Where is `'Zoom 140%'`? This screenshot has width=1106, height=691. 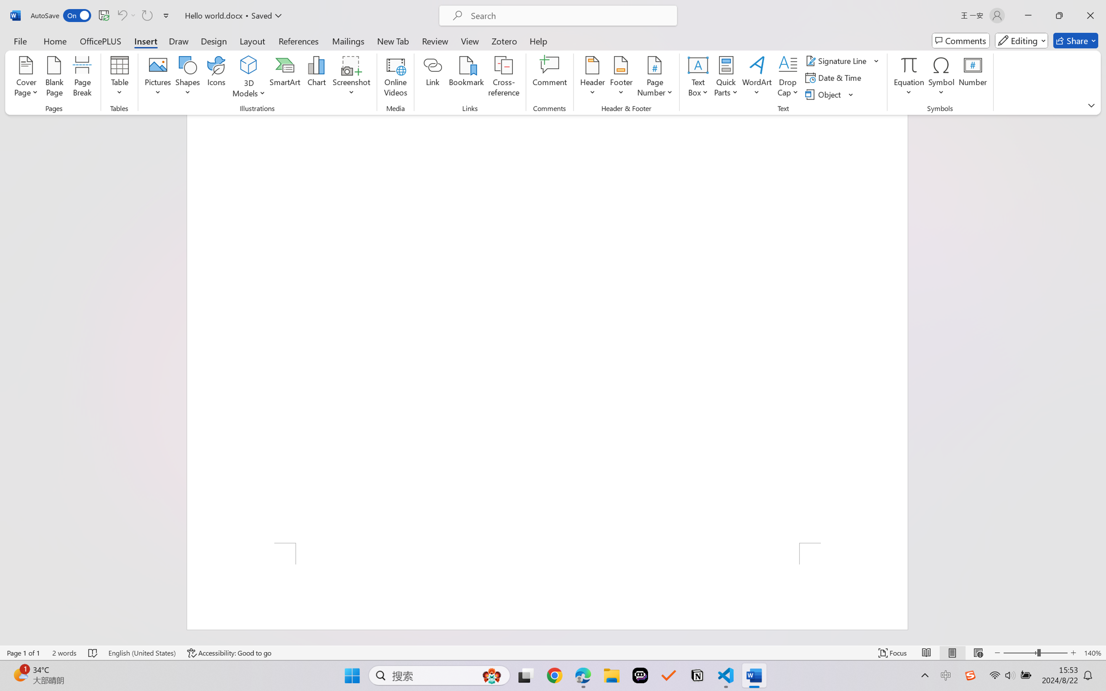
'Zoom 140%' is located at coordinates (1092, 653).